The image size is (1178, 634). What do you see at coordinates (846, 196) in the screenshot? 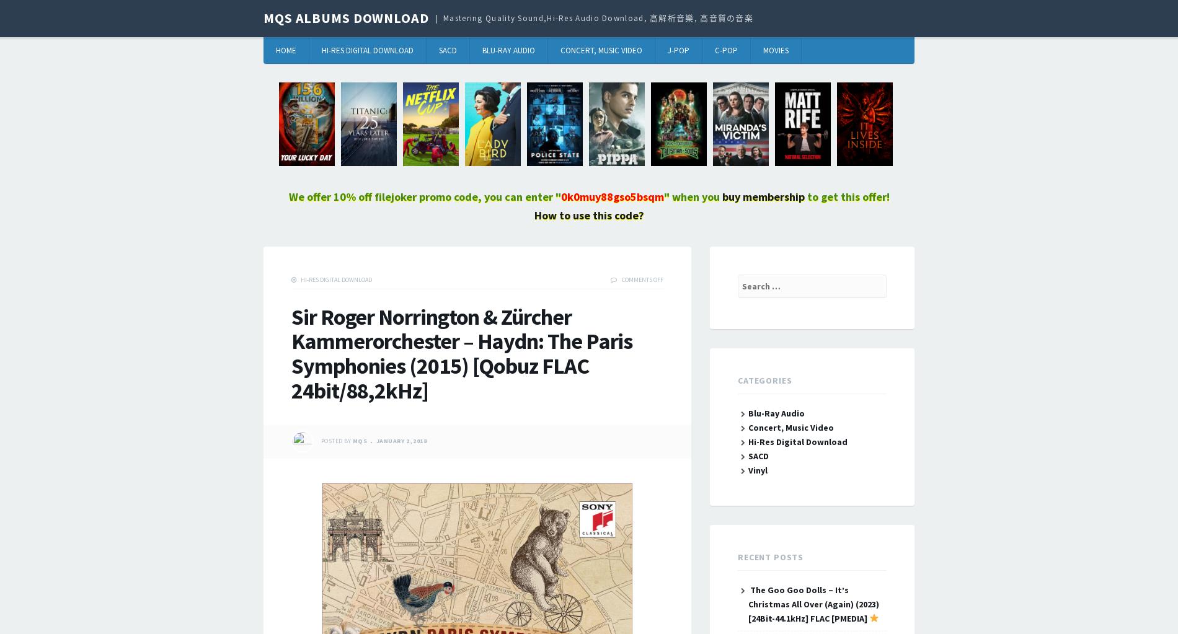
I see `'to get this offer!'` at bounding box center [846, 196].